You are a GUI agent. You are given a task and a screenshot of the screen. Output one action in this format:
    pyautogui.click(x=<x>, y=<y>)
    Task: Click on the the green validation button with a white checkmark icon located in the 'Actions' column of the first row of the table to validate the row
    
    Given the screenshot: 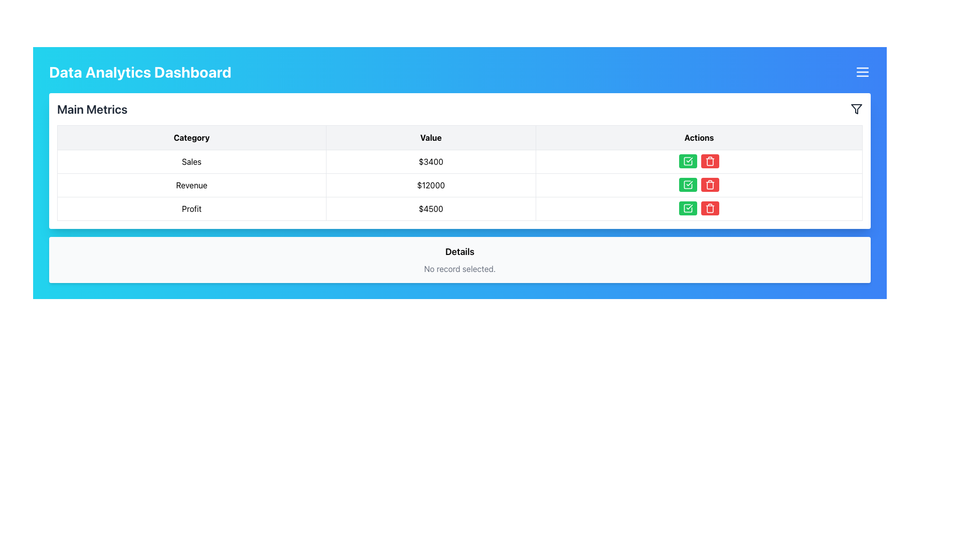 What is the action you would take?
    pyautogui.click(x=688, y=160)
    